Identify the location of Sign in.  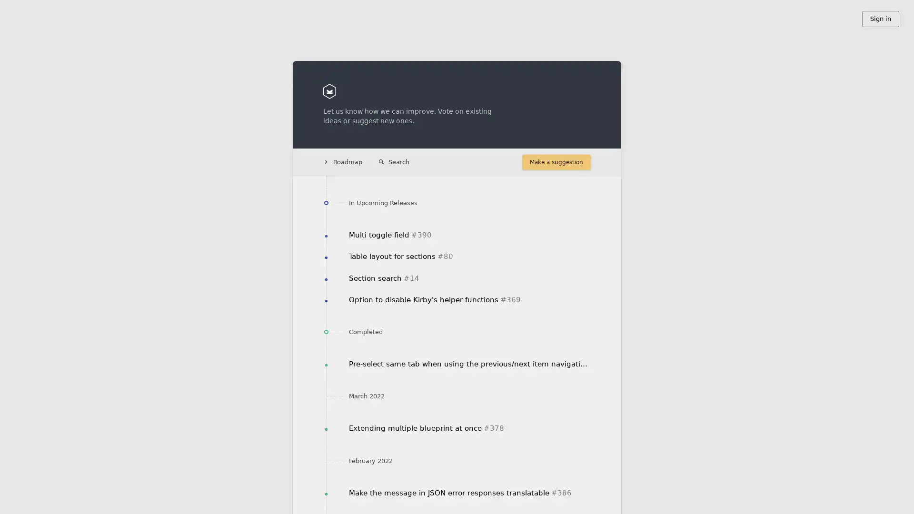
(880, 19).